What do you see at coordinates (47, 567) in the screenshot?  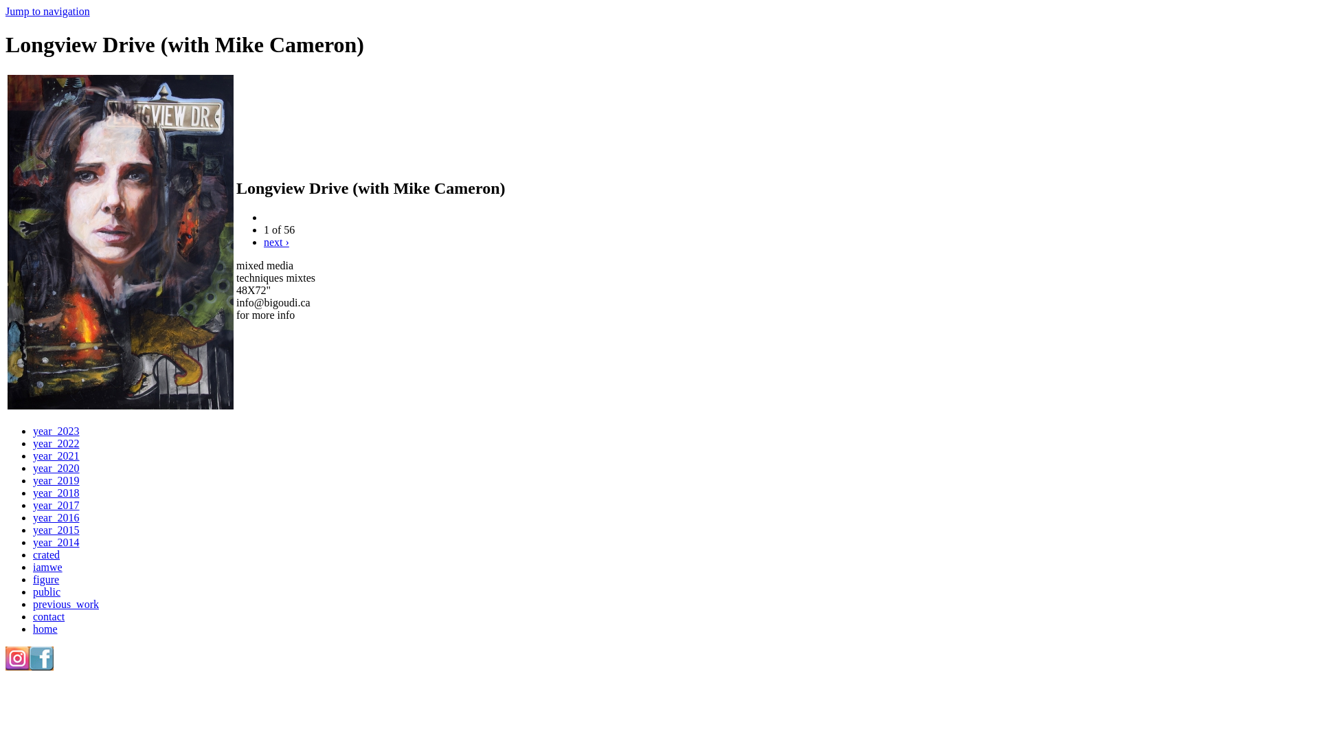 I see `'iamwe'` at bounding box center [47, 567].